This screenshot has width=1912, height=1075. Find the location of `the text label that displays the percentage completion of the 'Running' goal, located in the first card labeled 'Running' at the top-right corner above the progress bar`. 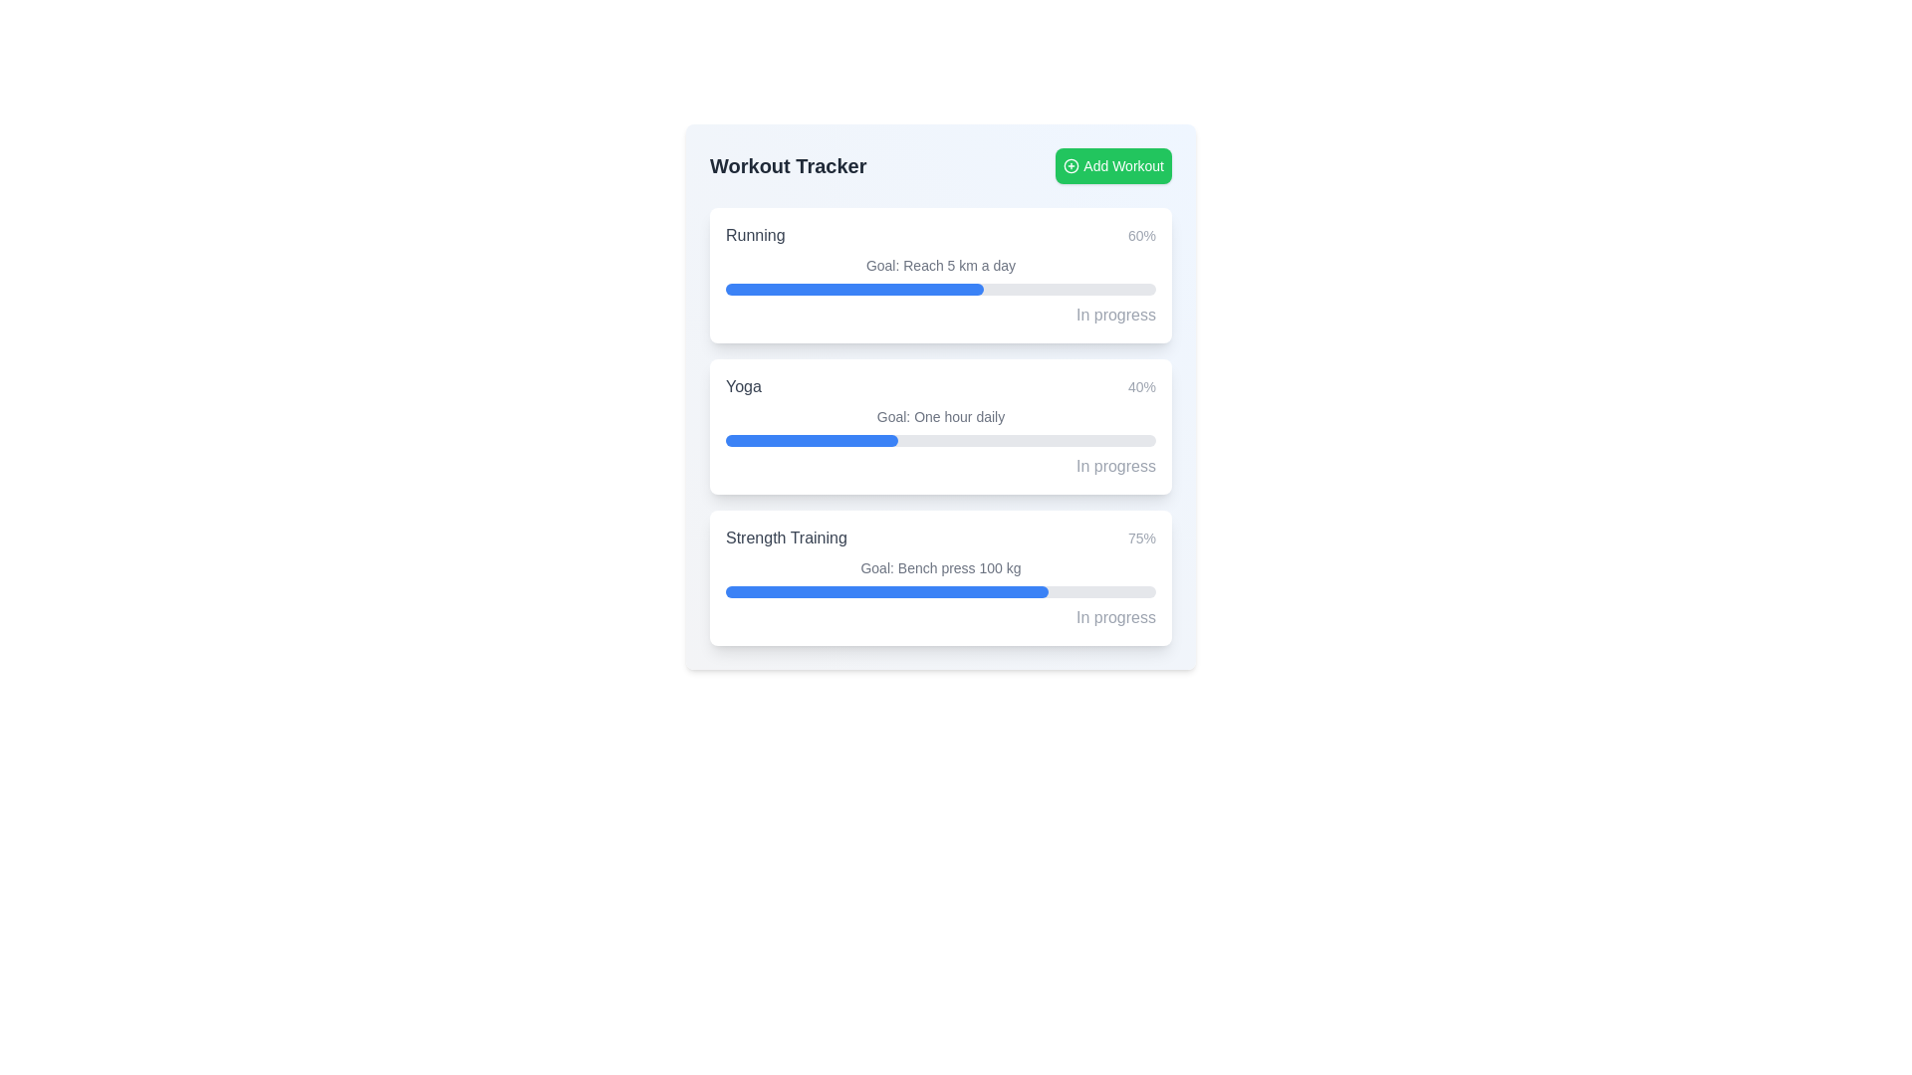

the text label that displays the percentage completion of the 'Running' goal, located in the first card labeled 'Running' at the top-right corner above the progress bar is located at coordinates (1142, 234).